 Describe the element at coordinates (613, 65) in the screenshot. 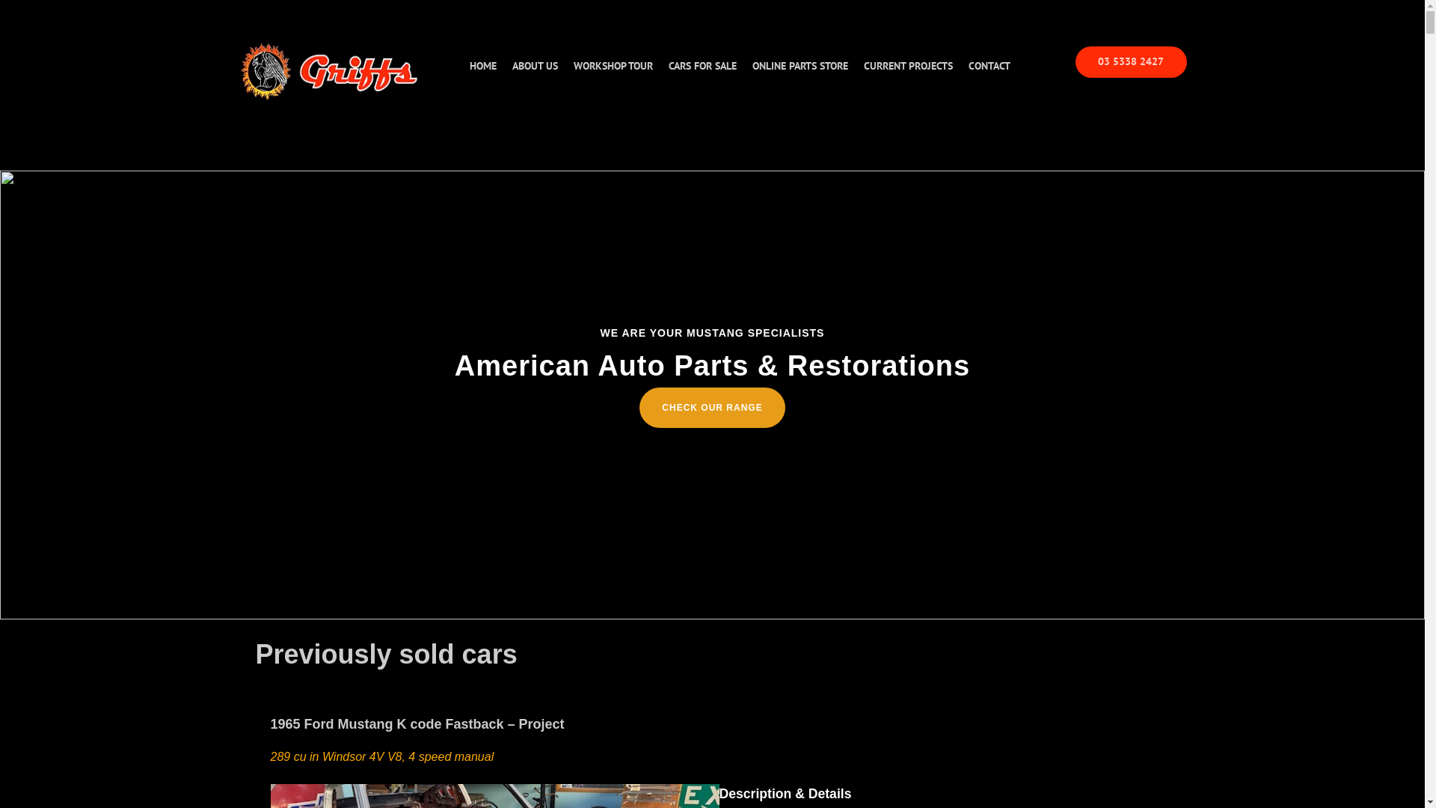

I see `'WORKSHOP TOUR'` at that location.